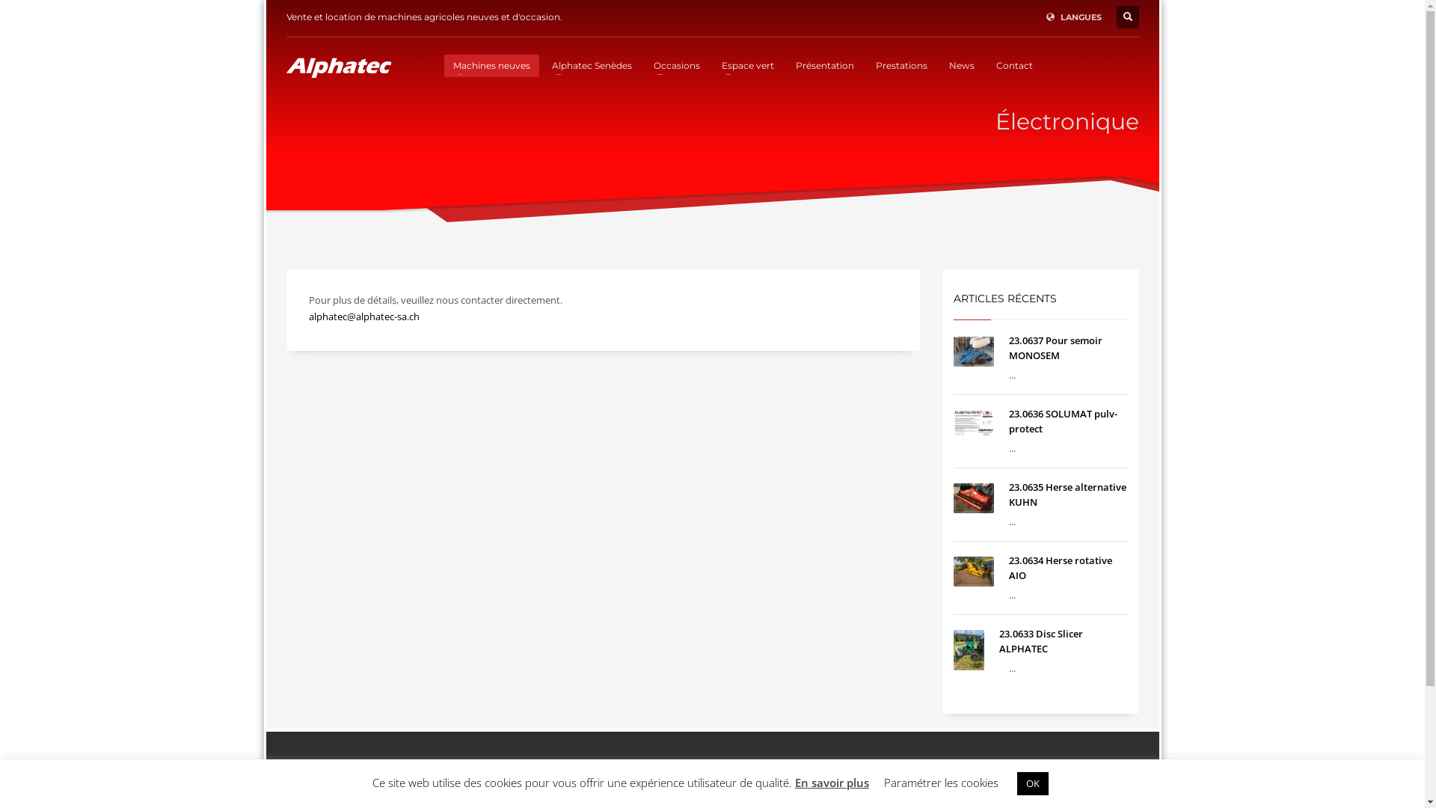 Image resolution: width=1436 pixels, height=808 pixels. I want to click on 'LANGUES', so click(1073, 17).